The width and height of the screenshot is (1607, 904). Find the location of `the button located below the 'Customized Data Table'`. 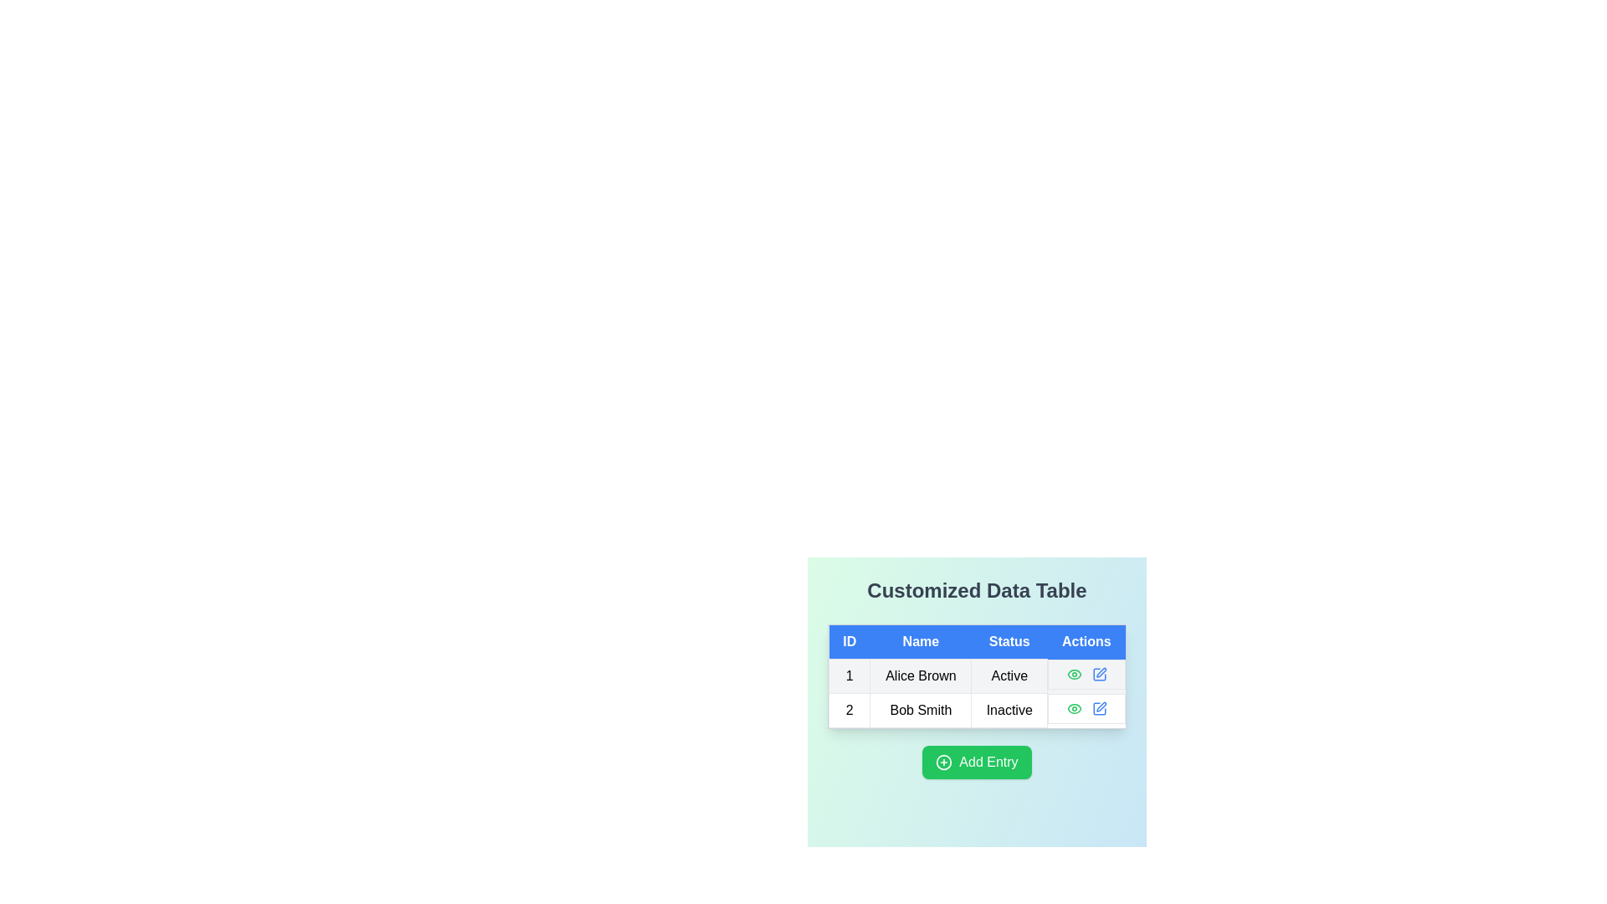

the button located below the 'Customized Data Table' is located at coordinates (977, 762).